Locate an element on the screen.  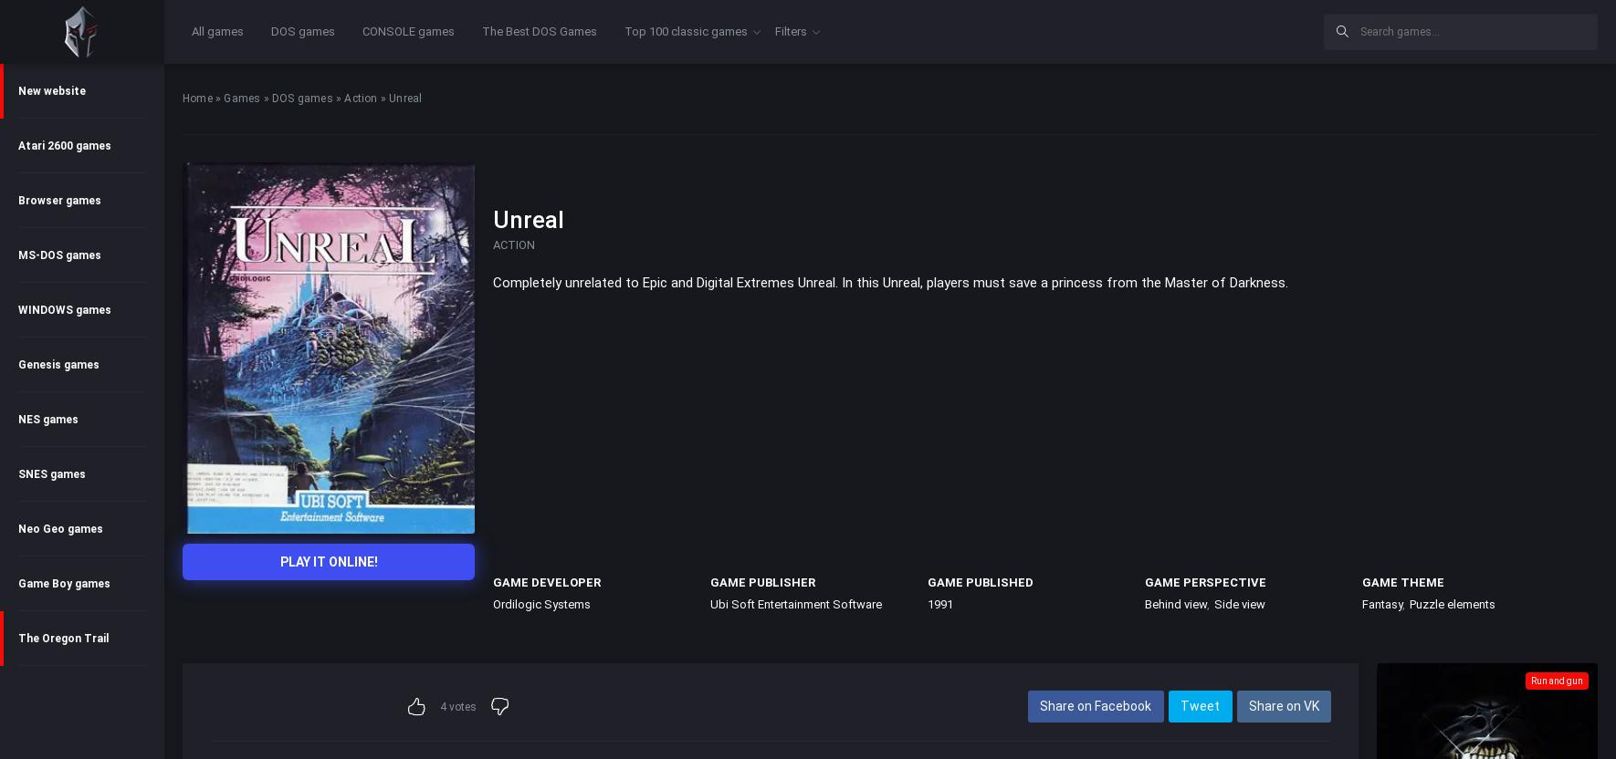
'All games' is located at coordinates (217, 30).